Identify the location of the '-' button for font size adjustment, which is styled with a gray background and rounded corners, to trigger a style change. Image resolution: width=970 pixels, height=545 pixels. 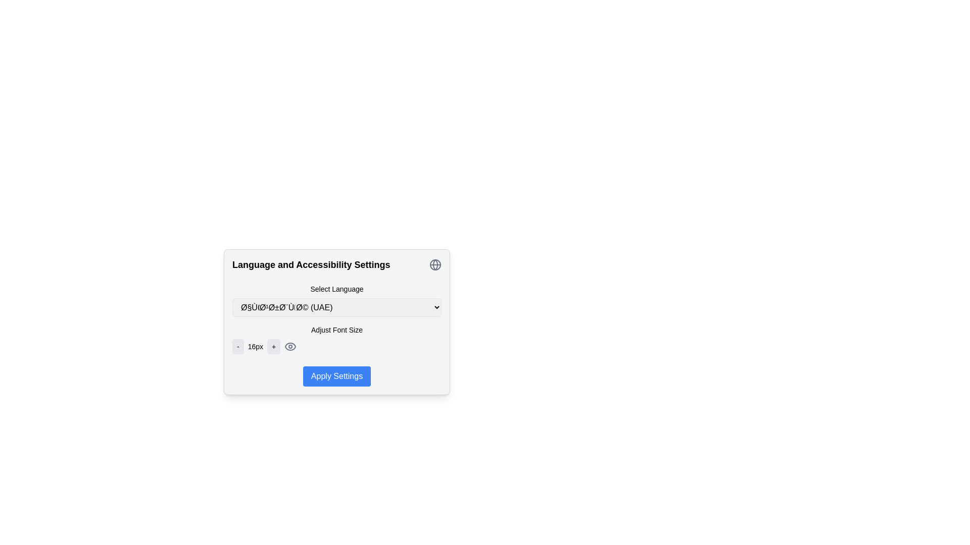
(237, 346).